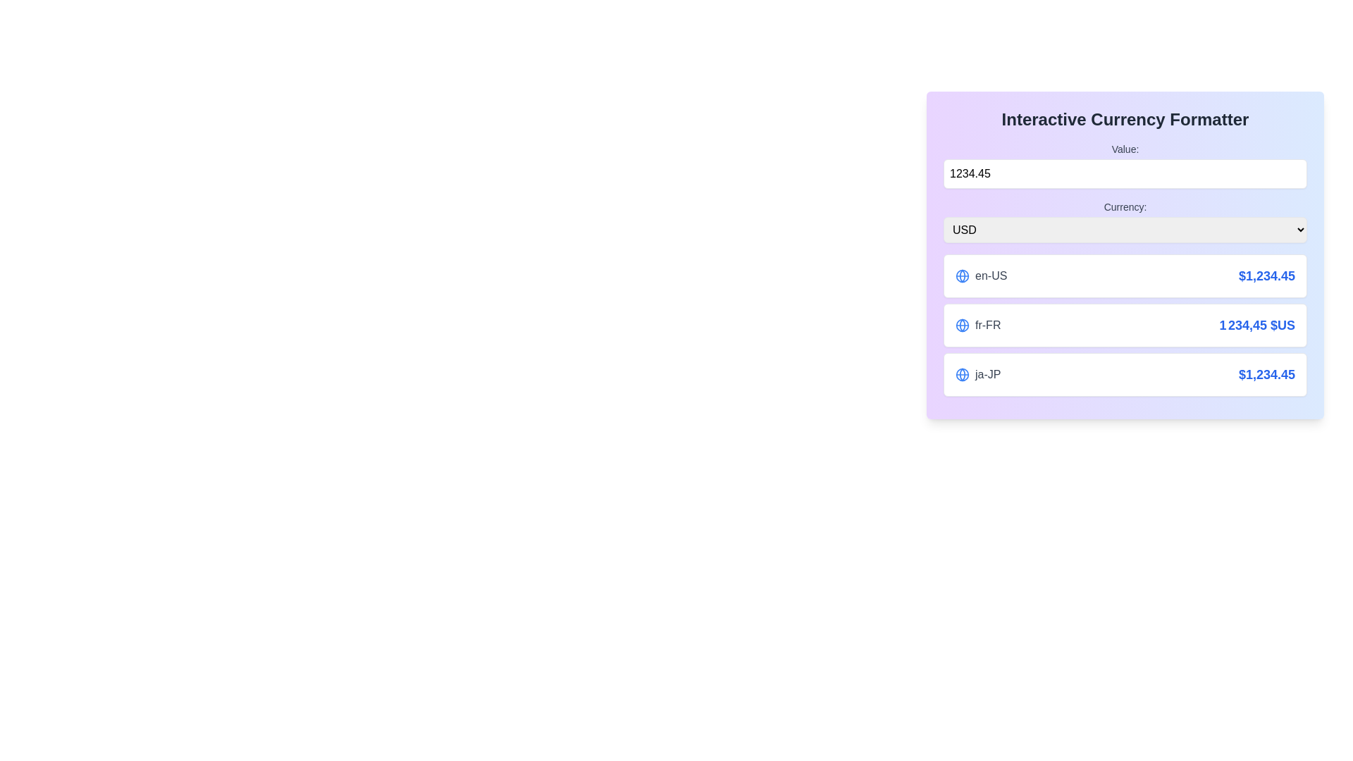 The width and height of the screenshot is (1353, 761). Describe the element at coordinates (962, 276) in the screenshot. I see `the blue globe icon representing geographic or language options, which is located to the left of the 'en-US' text label in the 'Interactive Currency Formatter' panel` at that location.